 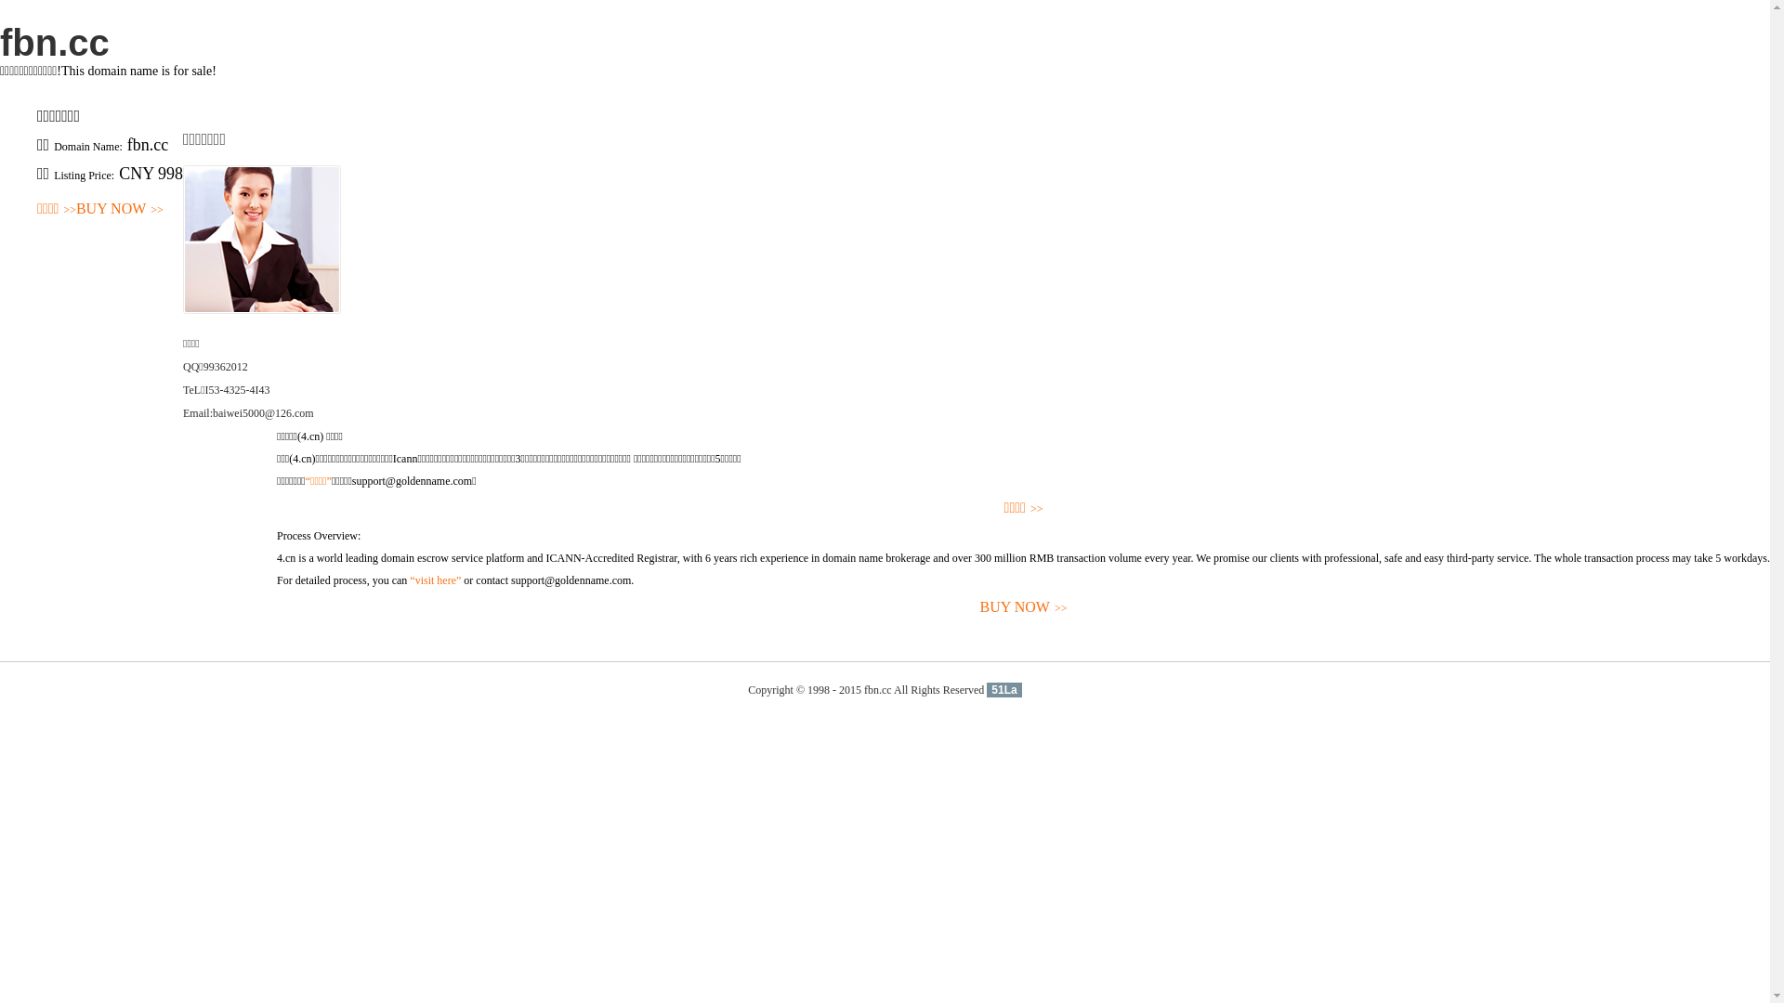 What do you see at coordinates (74, 209) in the screenshot?
I see `'BUY NOW>>'` at bounding box center [74, 209].